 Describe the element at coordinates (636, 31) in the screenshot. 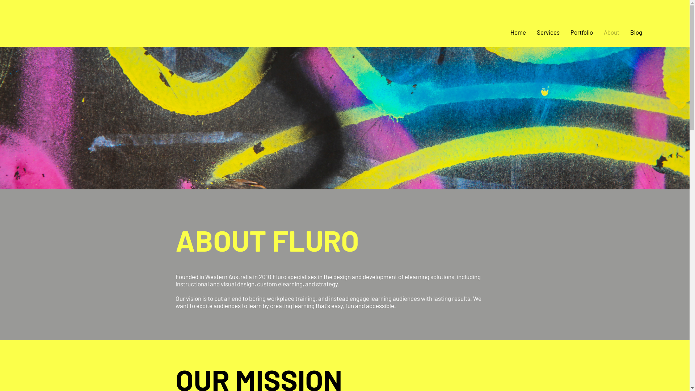

I see `'Blog'` at that location.